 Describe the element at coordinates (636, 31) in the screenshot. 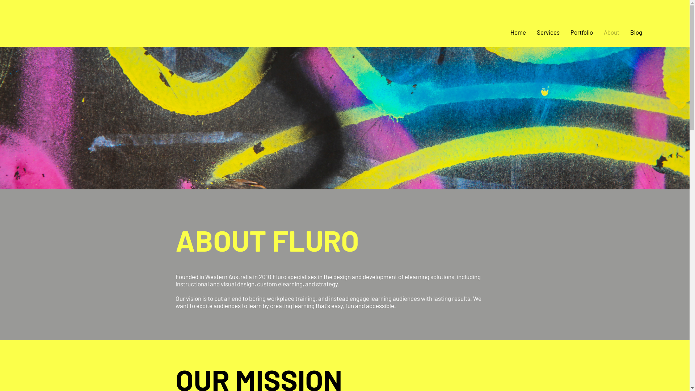

I see `'Blog'` at that location.